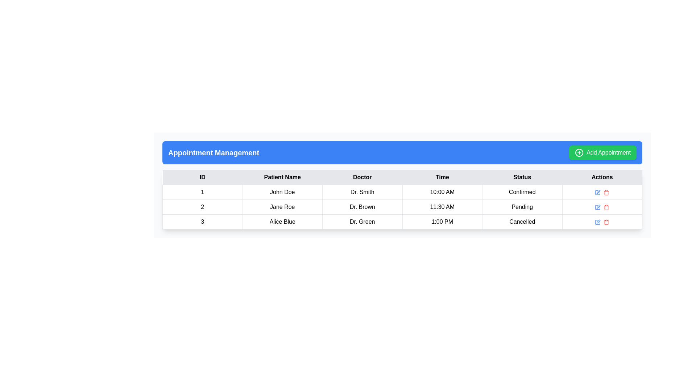 The width and height of the screenshot is (696, 391). What do you see at coordinates (202, 207) in the screenshot?
I see `the table cell displaying the ID number in the second row under the 'ID' column, which is the leftmost cell adjacent to the name 'Jane Roe'` at bounding box center [202, 207].